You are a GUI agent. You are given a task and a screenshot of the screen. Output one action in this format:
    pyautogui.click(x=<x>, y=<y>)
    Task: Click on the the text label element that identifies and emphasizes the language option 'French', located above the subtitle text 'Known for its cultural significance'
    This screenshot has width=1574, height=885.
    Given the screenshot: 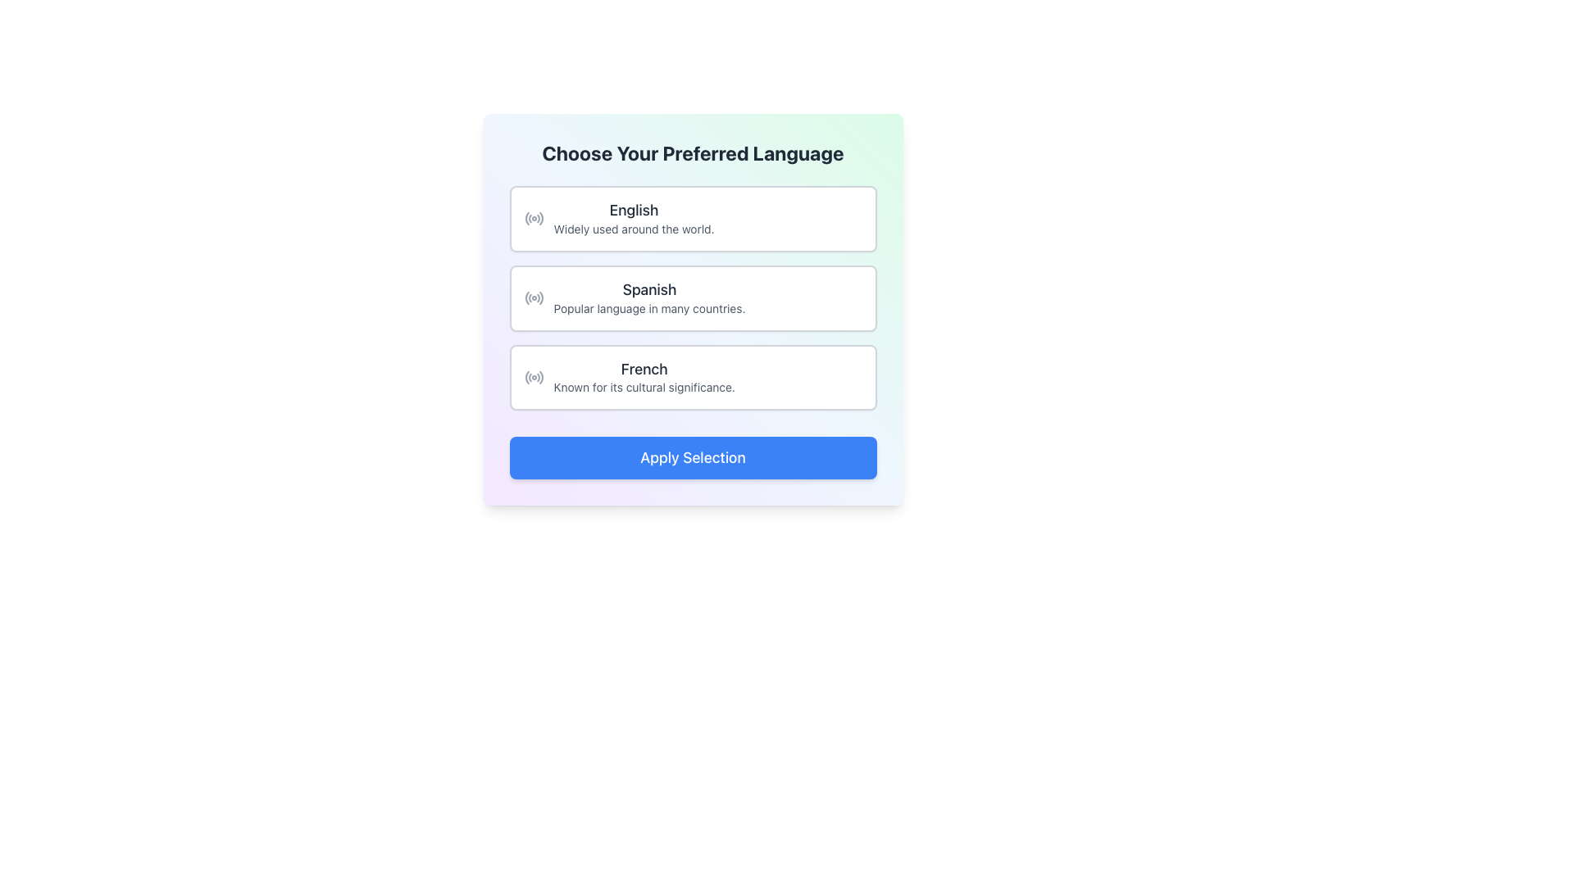 What is the action you would take?
    pyautogui.click(x=644, y=369)
    